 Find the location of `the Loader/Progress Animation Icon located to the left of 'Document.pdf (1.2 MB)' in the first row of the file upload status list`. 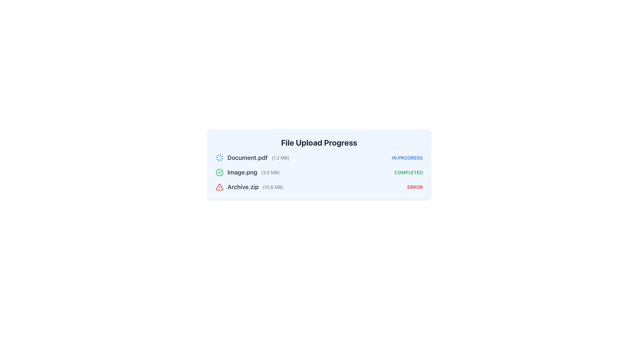

the Loader/Progress Animation Icon located to the left of 'Document.pdf (1.2 MB)' in the first row of the file upload status list is located at coordinates (219, 158).